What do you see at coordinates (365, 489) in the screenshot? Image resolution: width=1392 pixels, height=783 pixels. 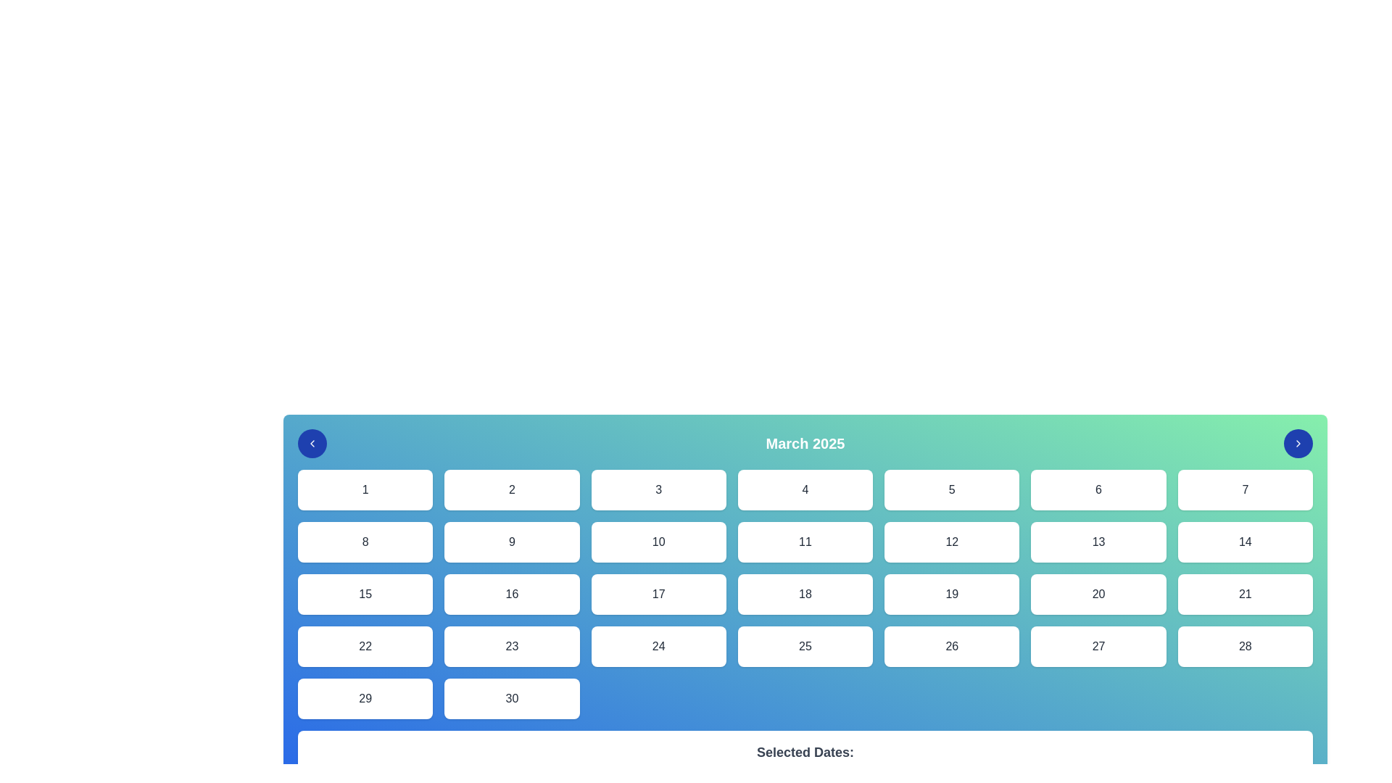 I see `the first day selectable grid item` at bounding box center [365, 489].